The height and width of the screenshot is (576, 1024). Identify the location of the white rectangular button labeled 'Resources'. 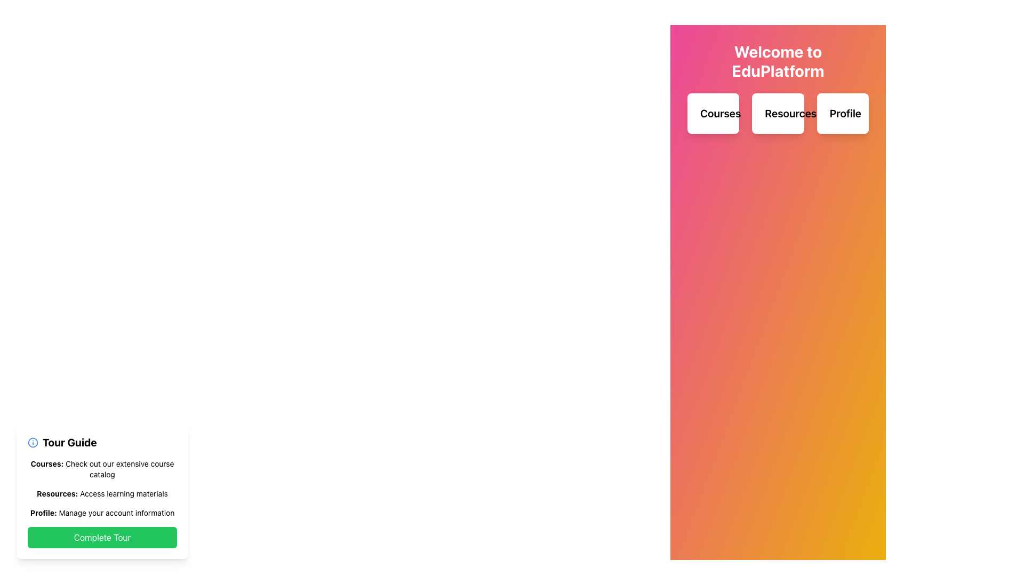
(778, 113).